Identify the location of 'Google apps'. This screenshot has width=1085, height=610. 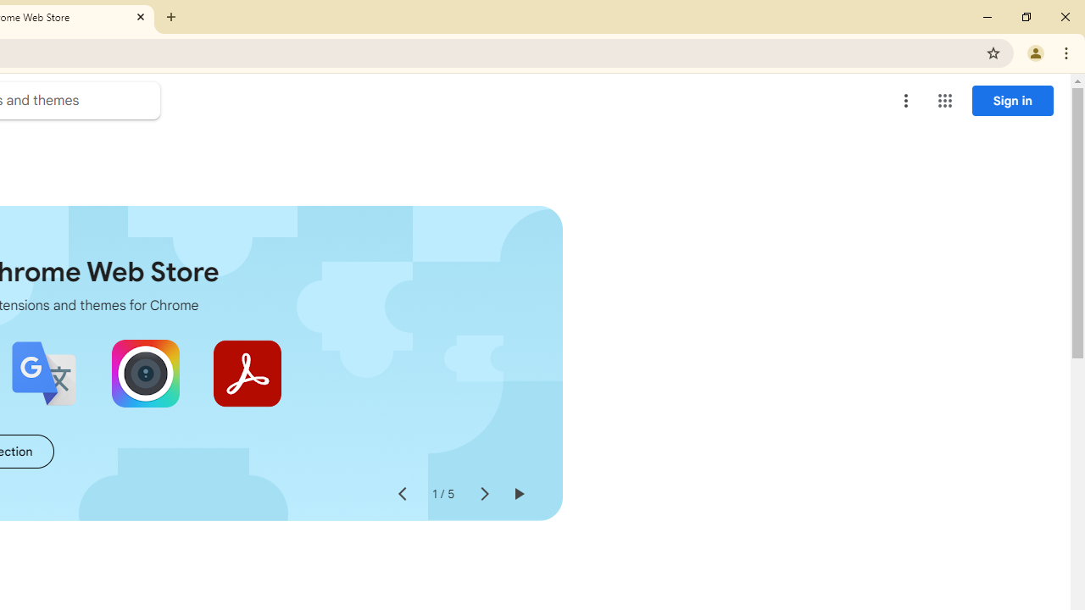
(943, 101).